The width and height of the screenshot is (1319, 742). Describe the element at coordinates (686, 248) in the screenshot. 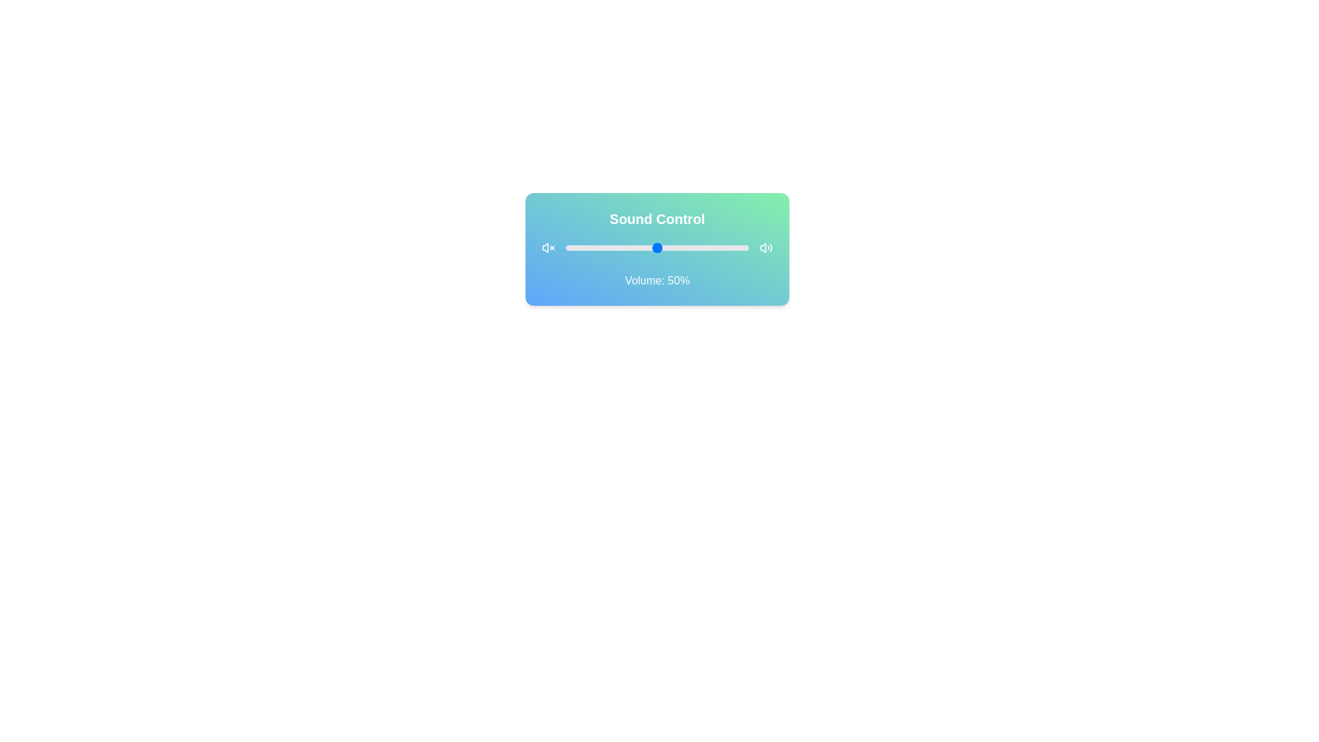

I see `the volume slider` at that location.